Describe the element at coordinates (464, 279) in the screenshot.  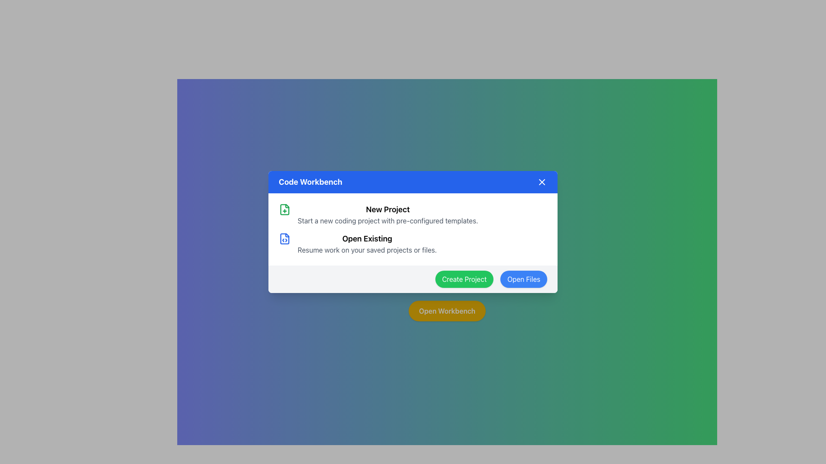
I see `the 'Create Project' button located at the bottom-right of the modal box` at that location.